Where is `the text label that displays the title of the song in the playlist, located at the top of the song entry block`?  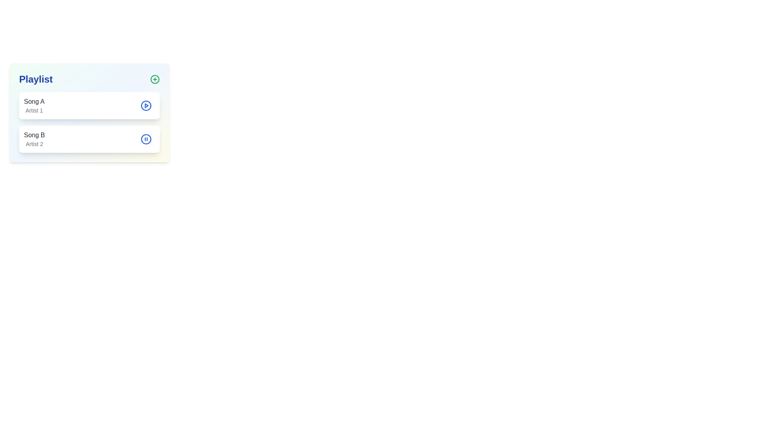 the text label that displays the title of the song in the playlist, located at the top of the song entry block is located at coordinates (34, 101).